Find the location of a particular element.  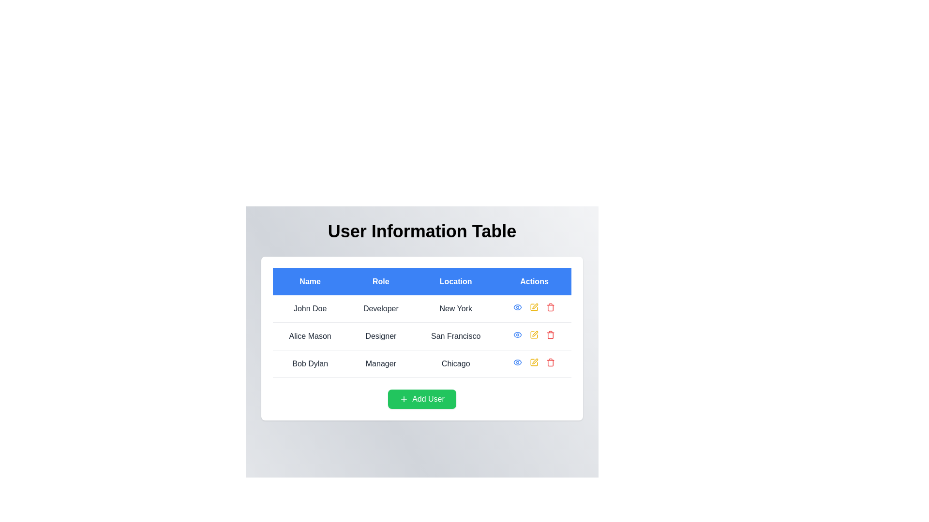

the eye icon located in the 'Actions' column of the 'Manager' row to visualize associated data is located at coordinates (517, 362).